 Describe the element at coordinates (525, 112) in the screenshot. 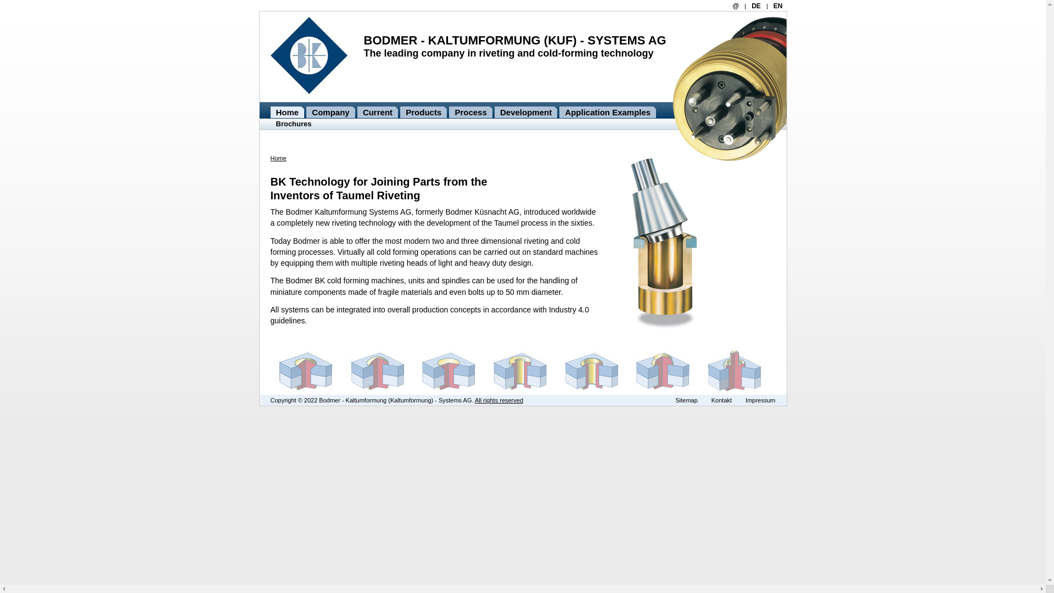

I see `'Development'` at that location.